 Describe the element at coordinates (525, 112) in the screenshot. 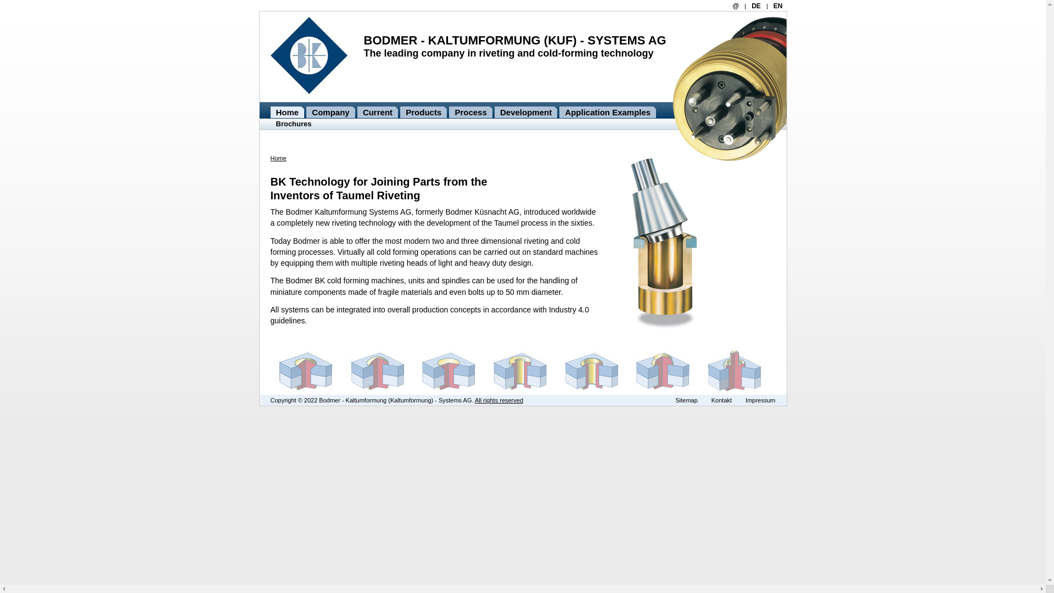

I see `'Development'` at that location.